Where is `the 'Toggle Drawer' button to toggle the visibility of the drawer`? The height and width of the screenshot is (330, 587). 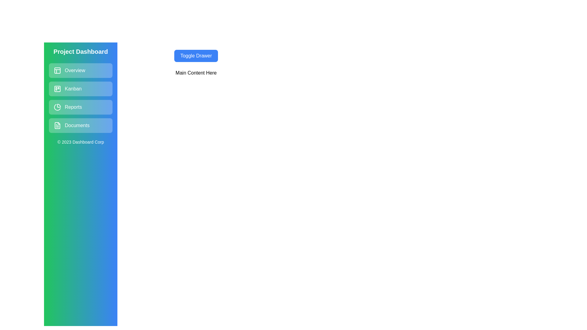
the 'Toggle Drawer' button to toggle the visibility of the drawer is located at coordinates (196, 56).